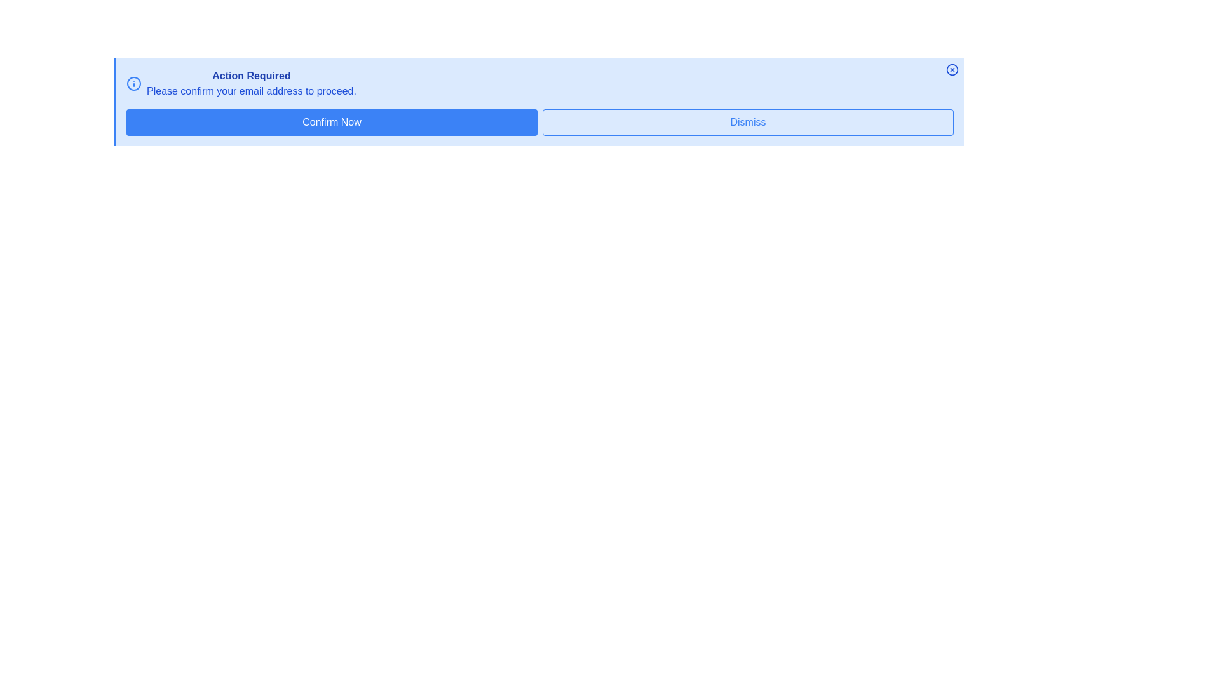  Describe the element at coordinates (952, 70) in the screenshot. I see `the close button to dismiss the alert` at that location.